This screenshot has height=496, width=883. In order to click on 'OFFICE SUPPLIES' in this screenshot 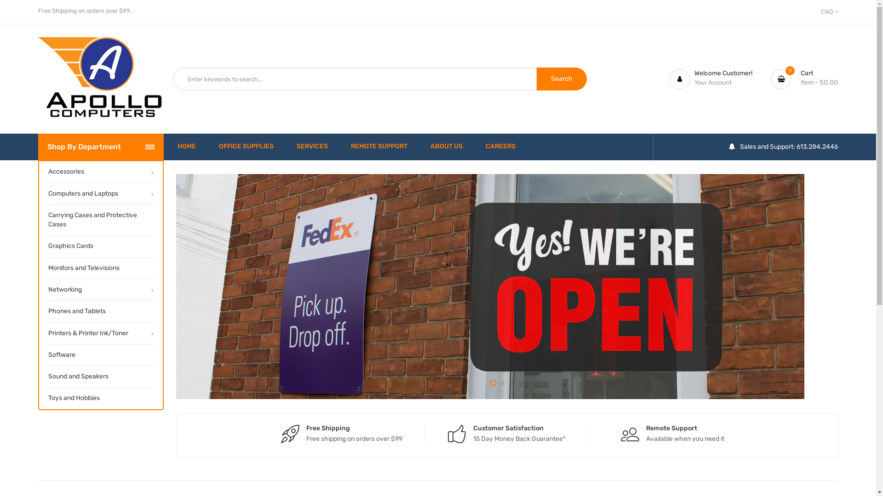, I will do `click(246, 146)`.